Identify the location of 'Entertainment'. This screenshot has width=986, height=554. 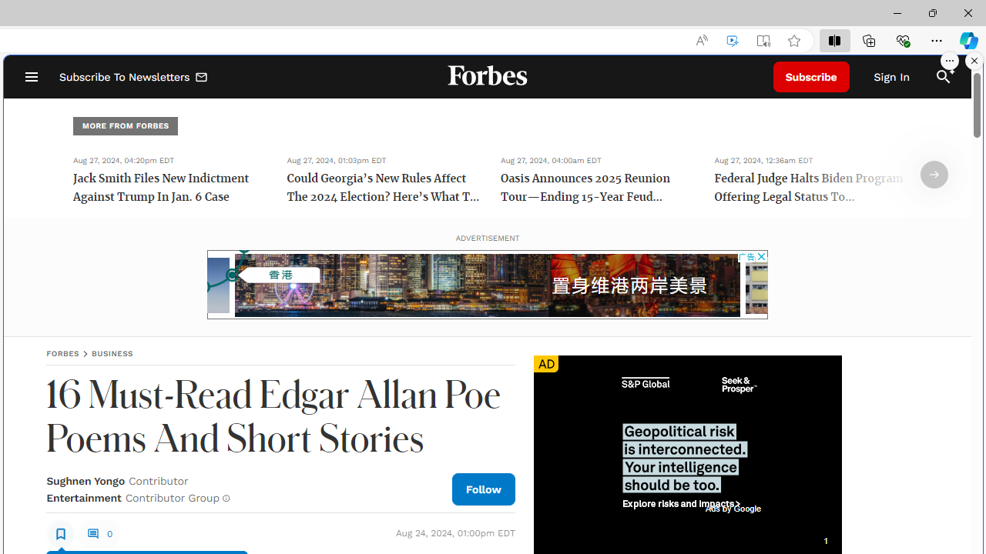
(82, 497).